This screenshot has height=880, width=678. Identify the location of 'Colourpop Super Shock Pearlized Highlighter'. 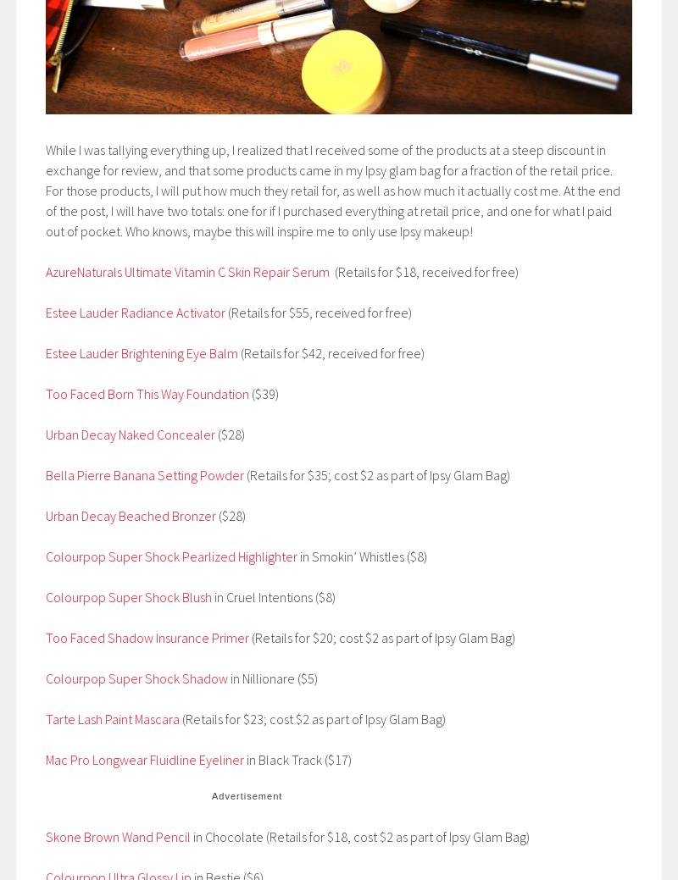
(171, 556).